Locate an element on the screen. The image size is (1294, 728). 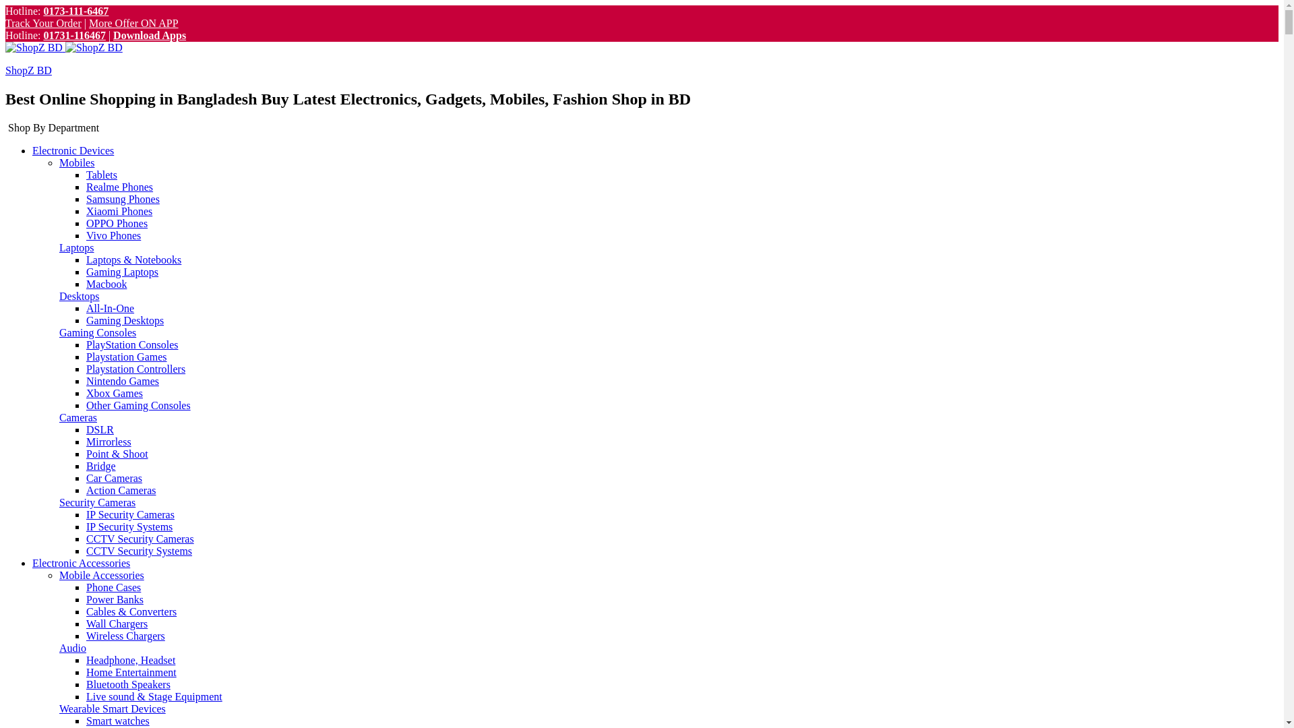
'Mobile Accessories' is located at coordinates (100, 575).